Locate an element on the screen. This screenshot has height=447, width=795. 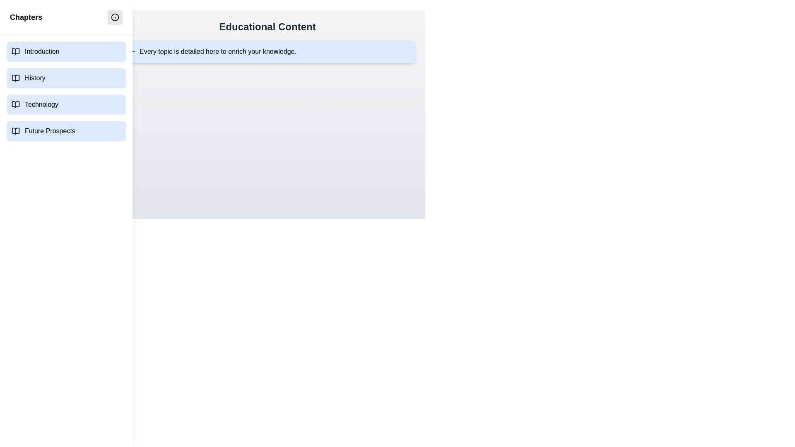
the chapter named Technology to navigate to it is located at coordinates (65, 104).